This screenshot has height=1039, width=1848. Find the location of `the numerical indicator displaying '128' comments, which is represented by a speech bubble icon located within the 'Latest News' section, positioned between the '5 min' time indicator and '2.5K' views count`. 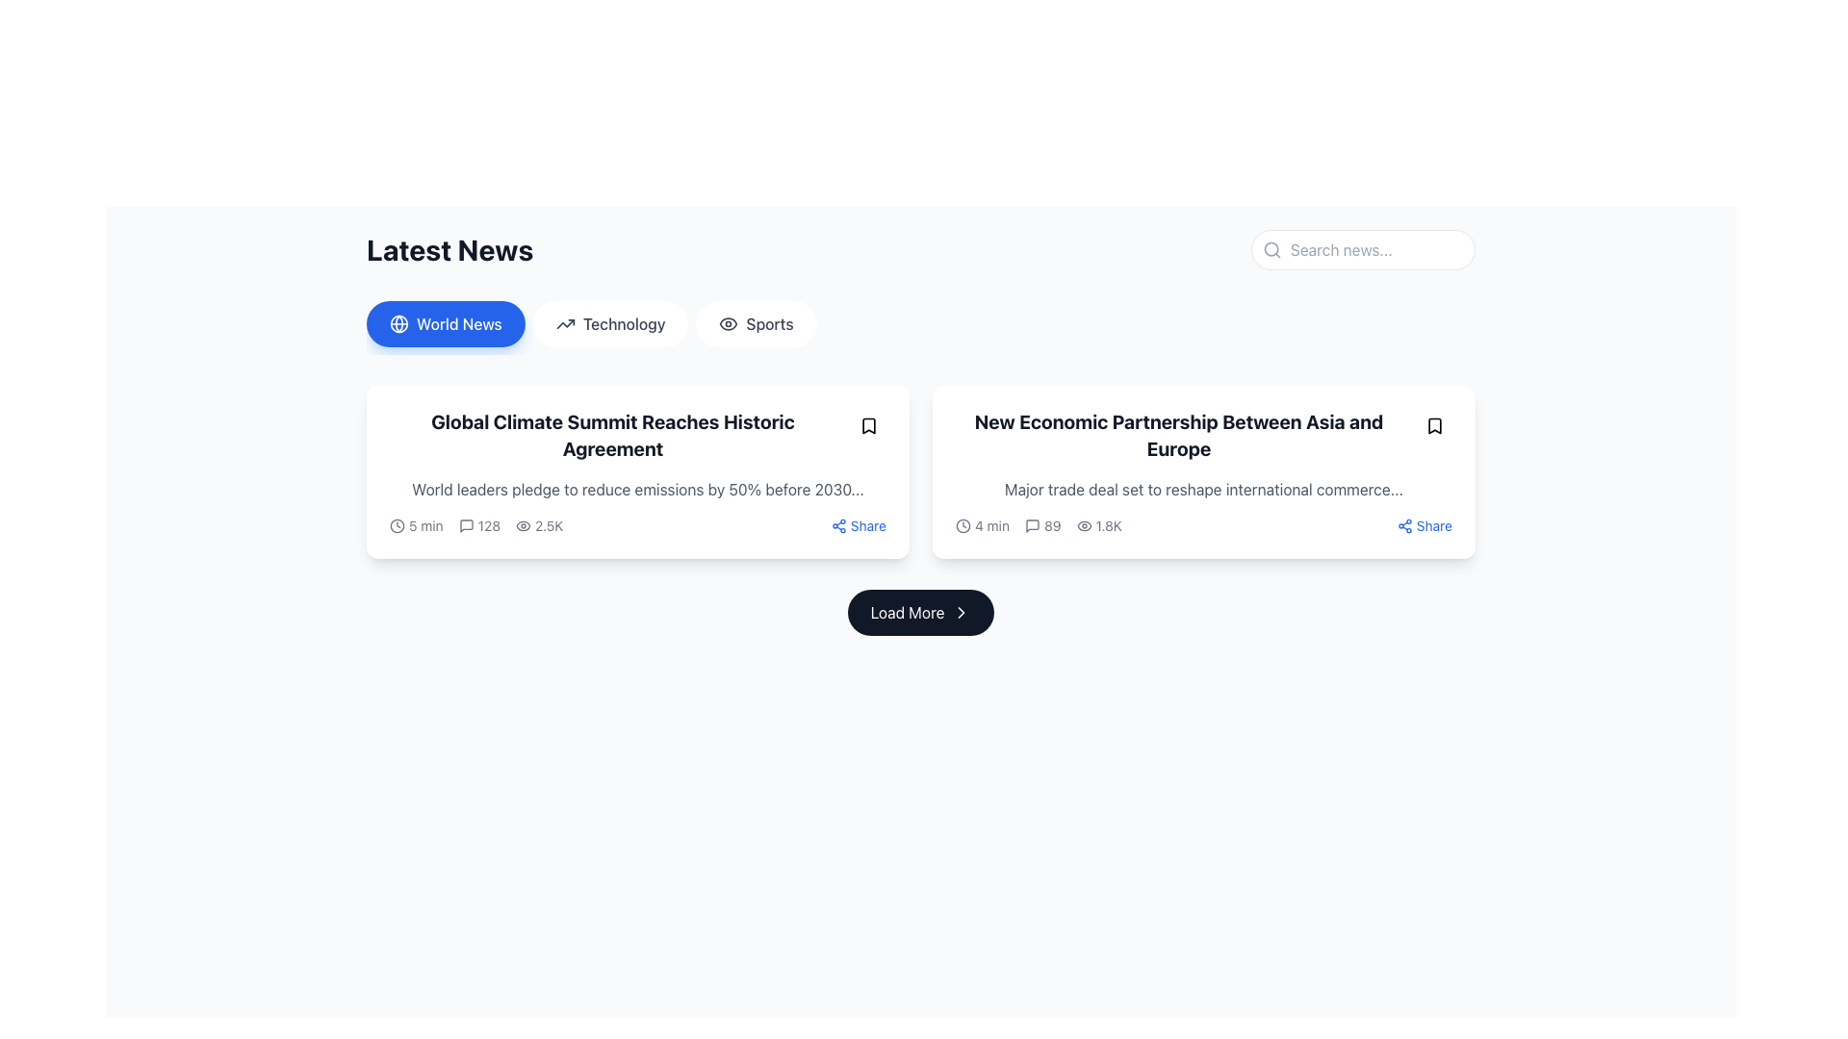

the numerical indicator displaying '128' comments, which is represented by a speech bubble icon located within the 'Latest News' section, positioned between the '5 min' time indicator and '2.5K' views count is located at coordinates (479, 526).